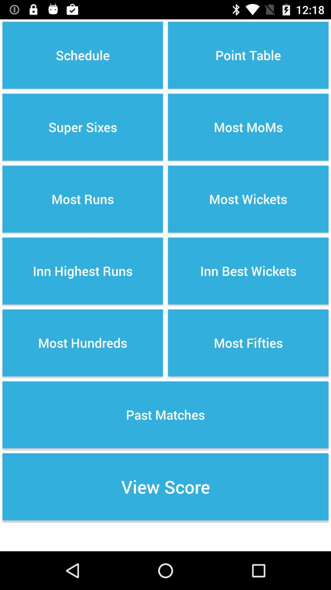  I want to click on button to the left of the point table button, so click(83, 55).